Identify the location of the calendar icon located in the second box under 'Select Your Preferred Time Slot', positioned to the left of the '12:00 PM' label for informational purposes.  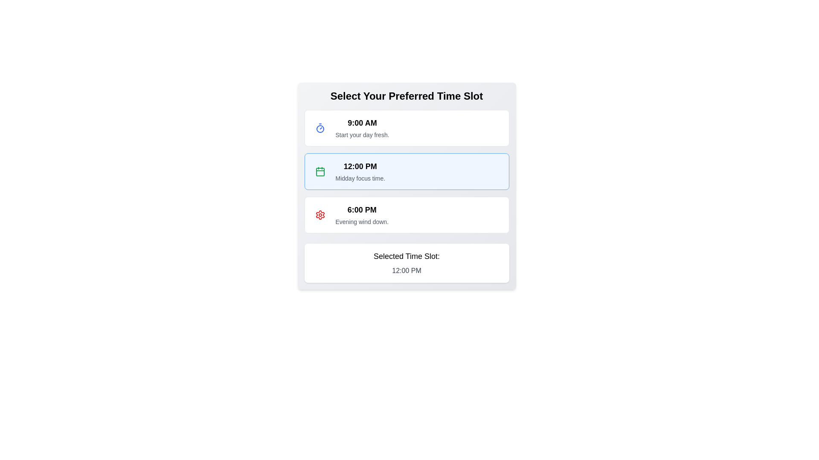
(319, 171).